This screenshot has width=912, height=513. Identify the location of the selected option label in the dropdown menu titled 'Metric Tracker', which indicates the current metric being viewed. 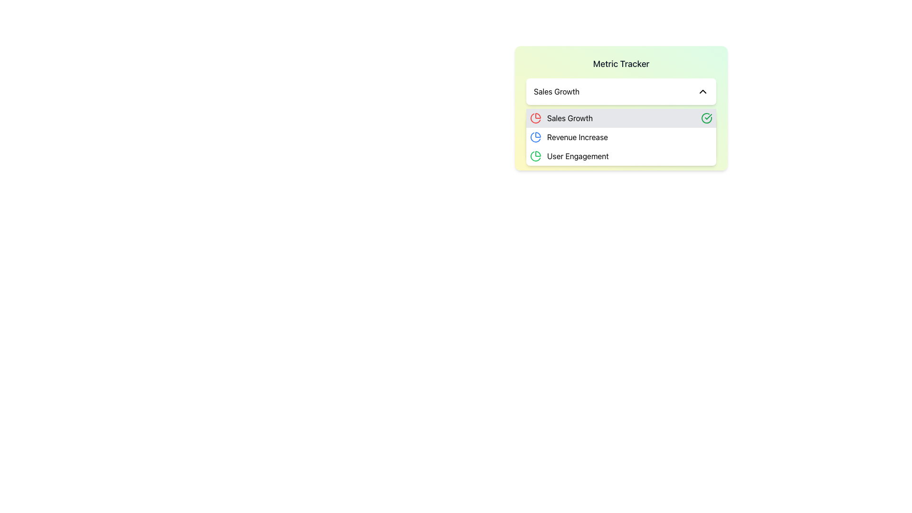
(556, 91).